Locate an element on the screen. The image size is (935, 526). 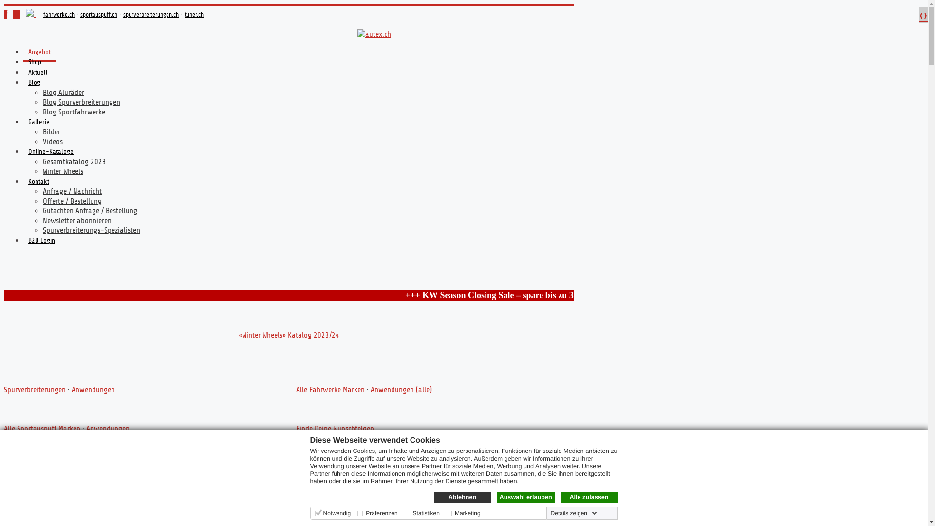
'Gesamtkatalog 2023' is located at coordinates (74, 161).